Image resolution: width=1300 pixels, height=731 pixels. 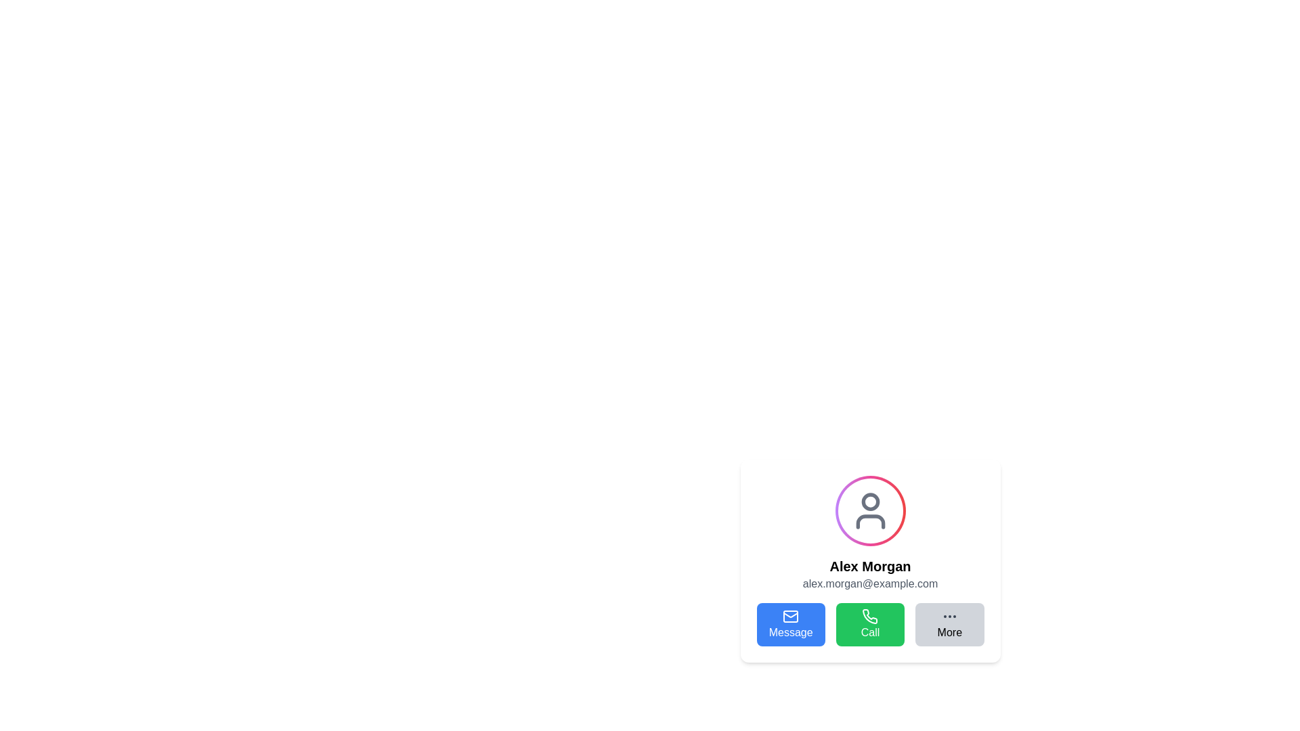 I want to click on the 'Call' icon located inside the green button labeled 'Call' to initiate a phone call, so click(x=870, y=616).